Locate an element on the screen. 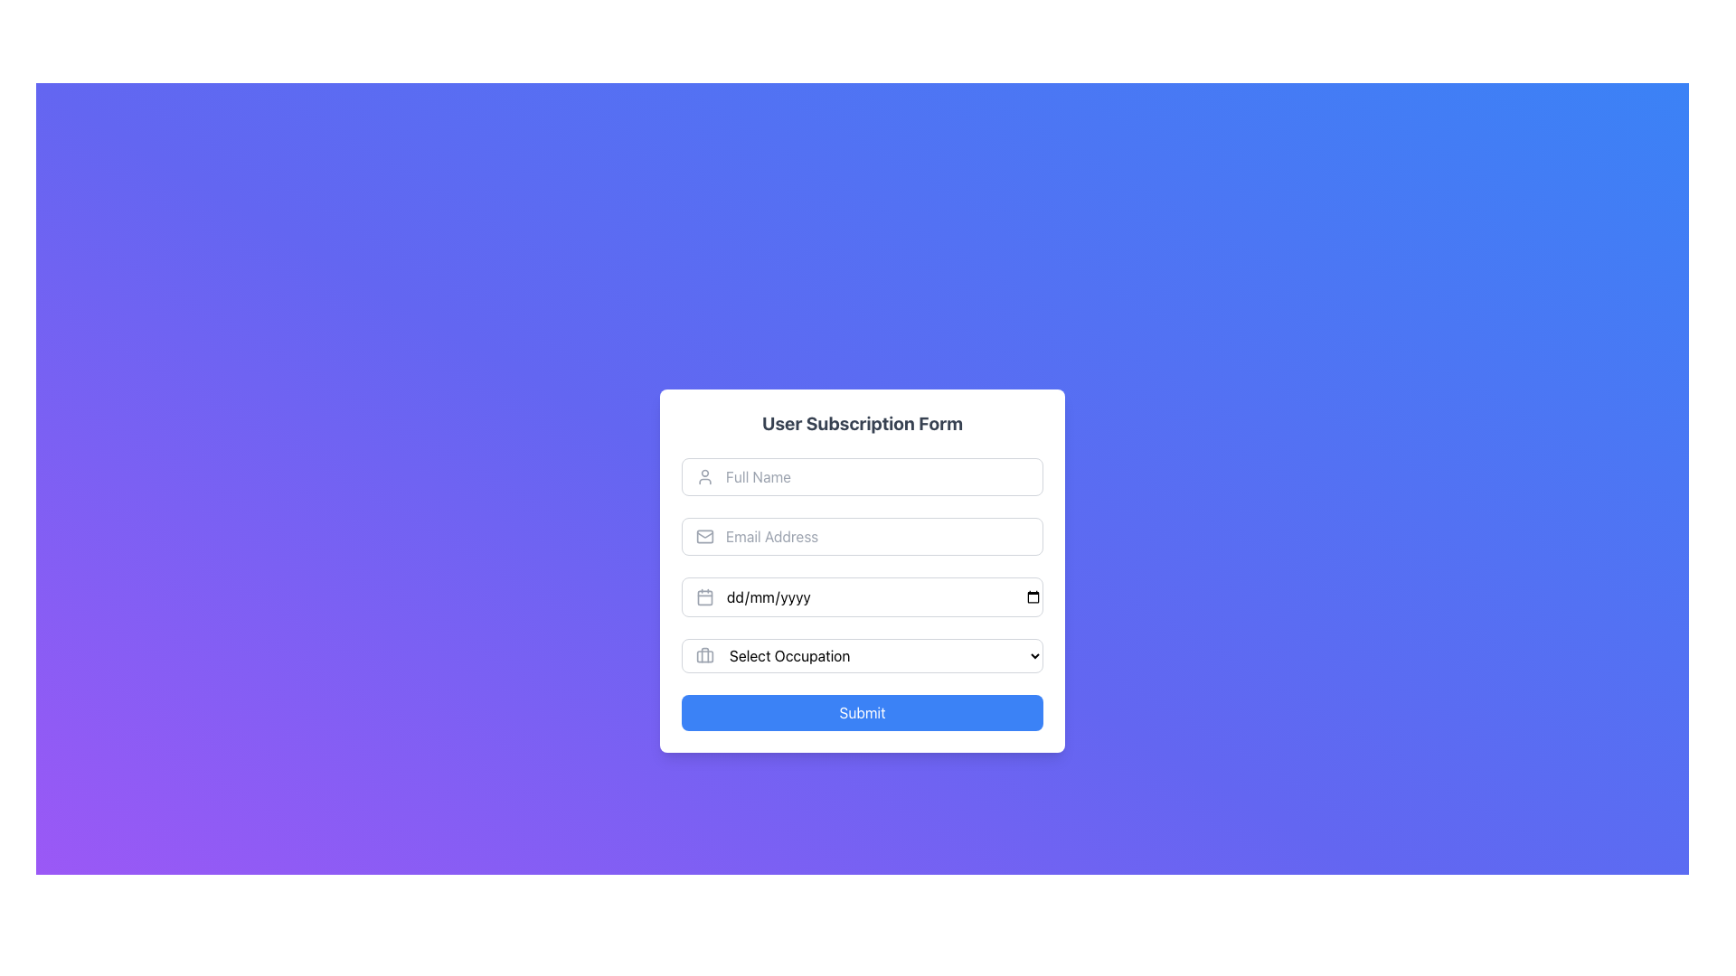 Image resolution: width=1736 pixels, height=976 pixels. the decorative icon representing the Email Address input functionality located on the left side of the Email Address input field within the User Subscription Form is located at coordinates (703, 536).